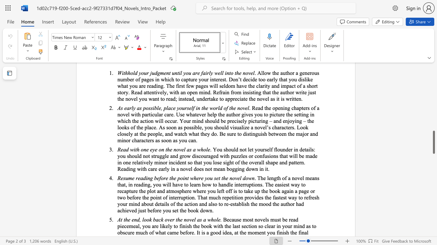  I want to click on the subset text "do" within the text "Resume reading before the point where you set the novel down", so click(243, 178).